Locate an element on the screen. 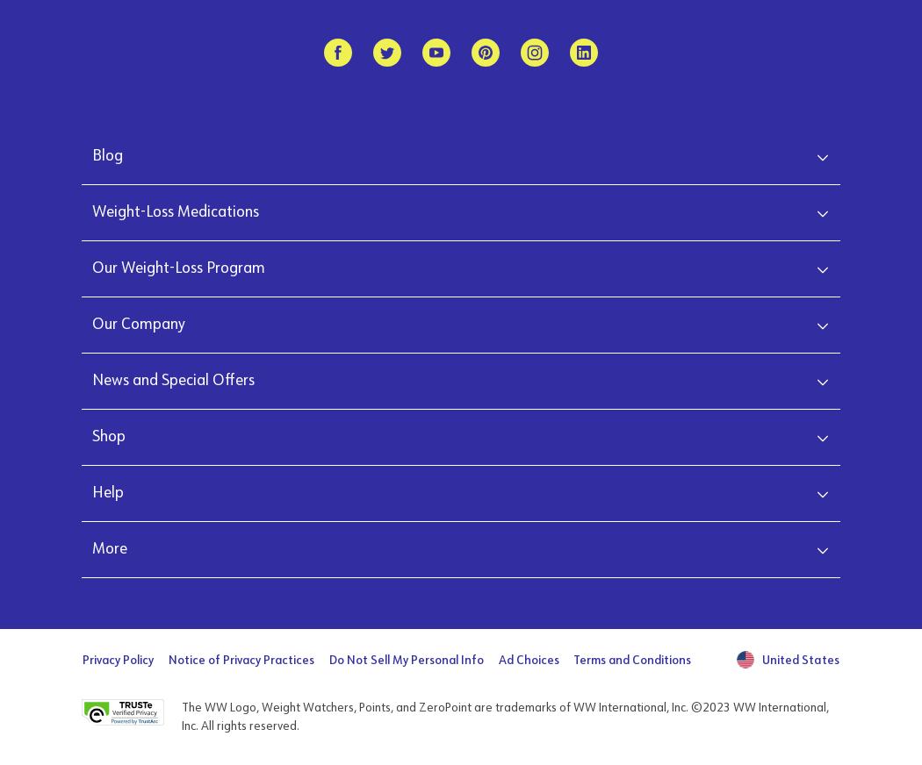  'Help' is located at coordinates (106, 491).